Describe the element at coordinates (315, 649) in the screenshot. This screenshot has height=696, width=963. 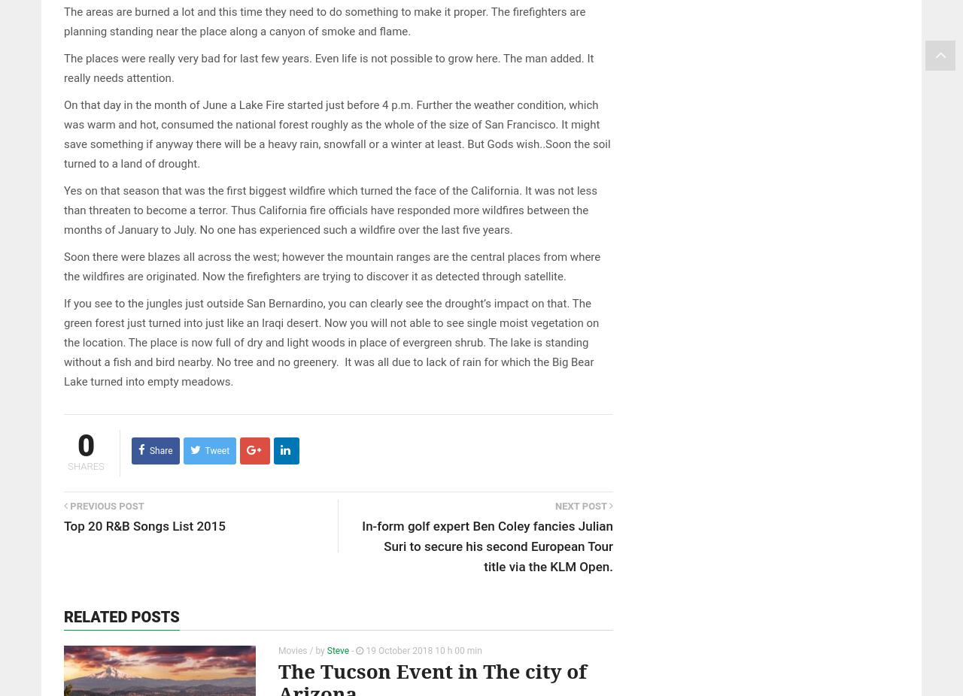
I see `'/ by'` at that location.